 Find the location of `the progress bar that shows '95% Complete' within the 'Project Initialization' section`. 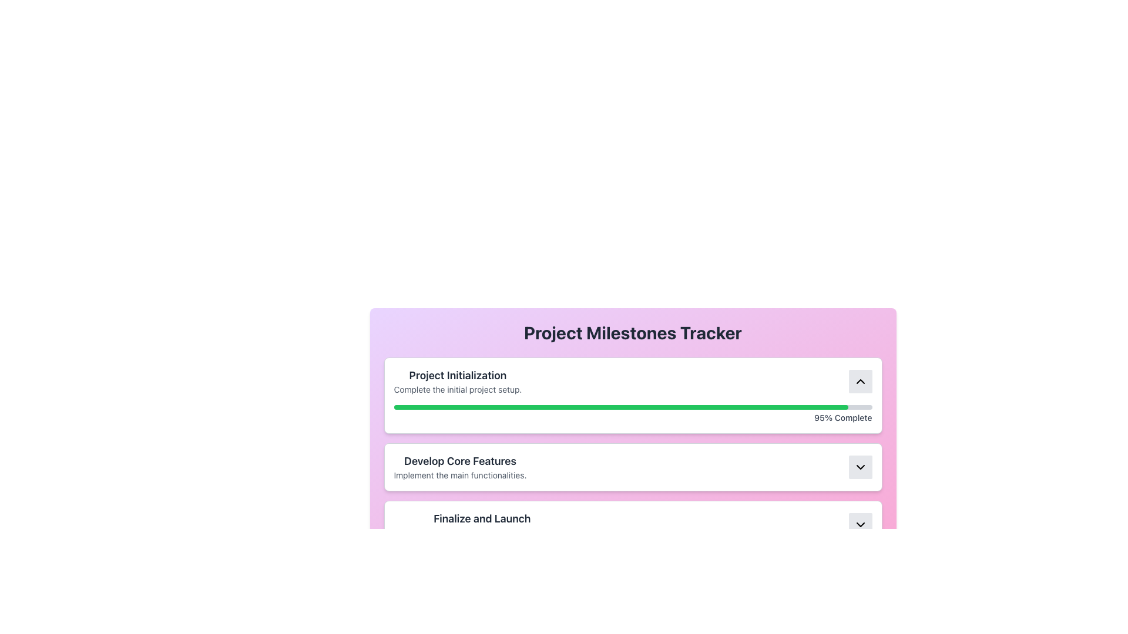

the progress bar that shows '95% Complete' within the 'Project Initialization' section is located at coordinates (632, 413).